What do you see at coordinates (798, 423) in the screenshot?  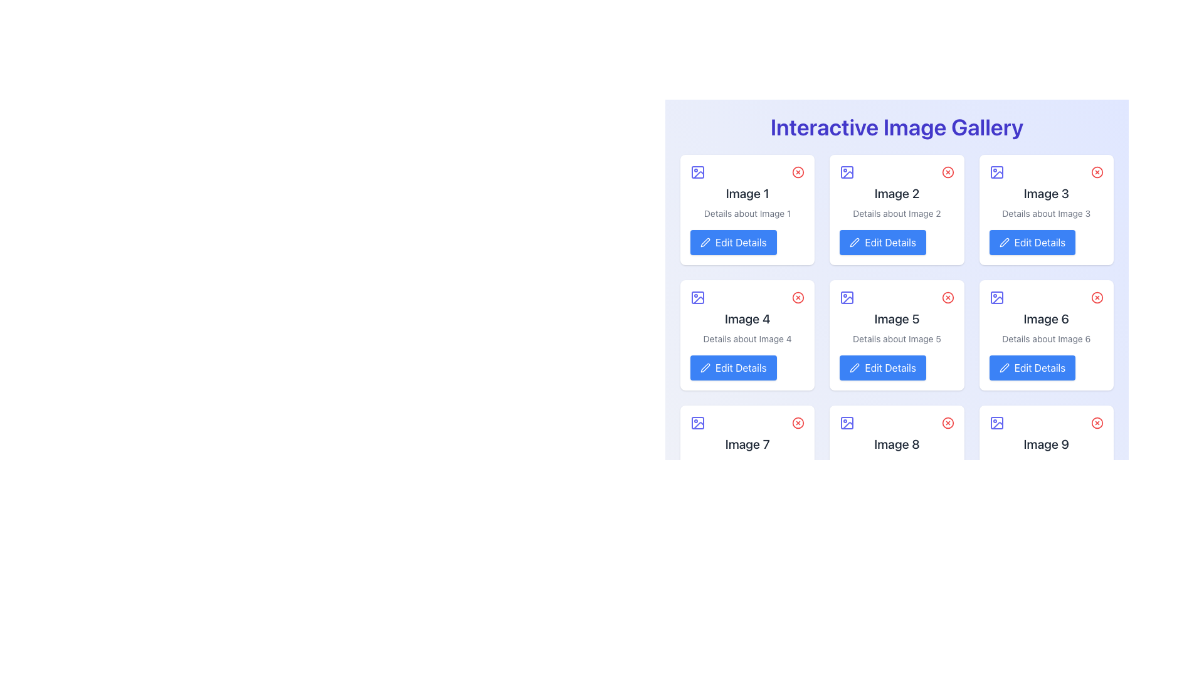 I see `the circular button with a red border and a red 'x' icon located at the top-right corner of the 'Image 7' card in the bottom row of the grid layout` at bounding box center [798, 423].